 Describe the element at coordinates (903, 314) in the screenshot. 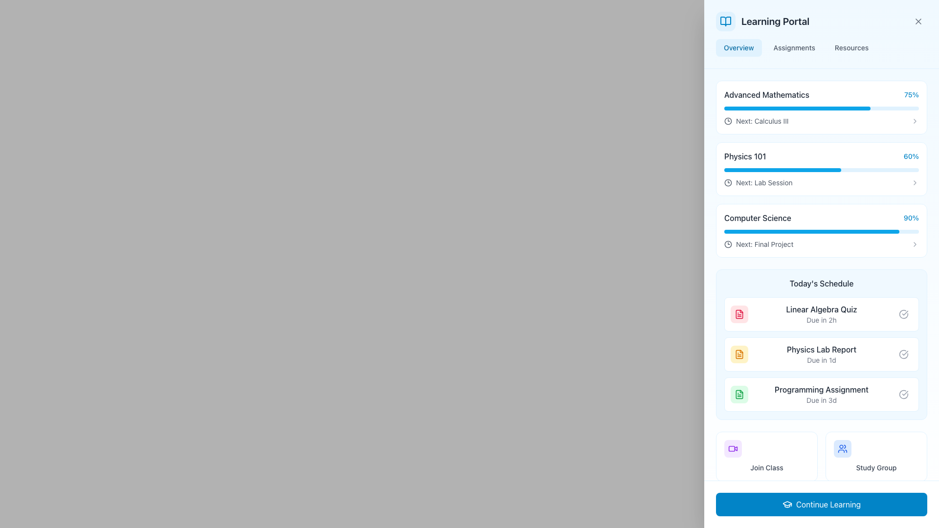

I see `the checkmark icon in the outlined circle that indicates the completed status of the 'Linear Algebra Quiz' list item` at that location.